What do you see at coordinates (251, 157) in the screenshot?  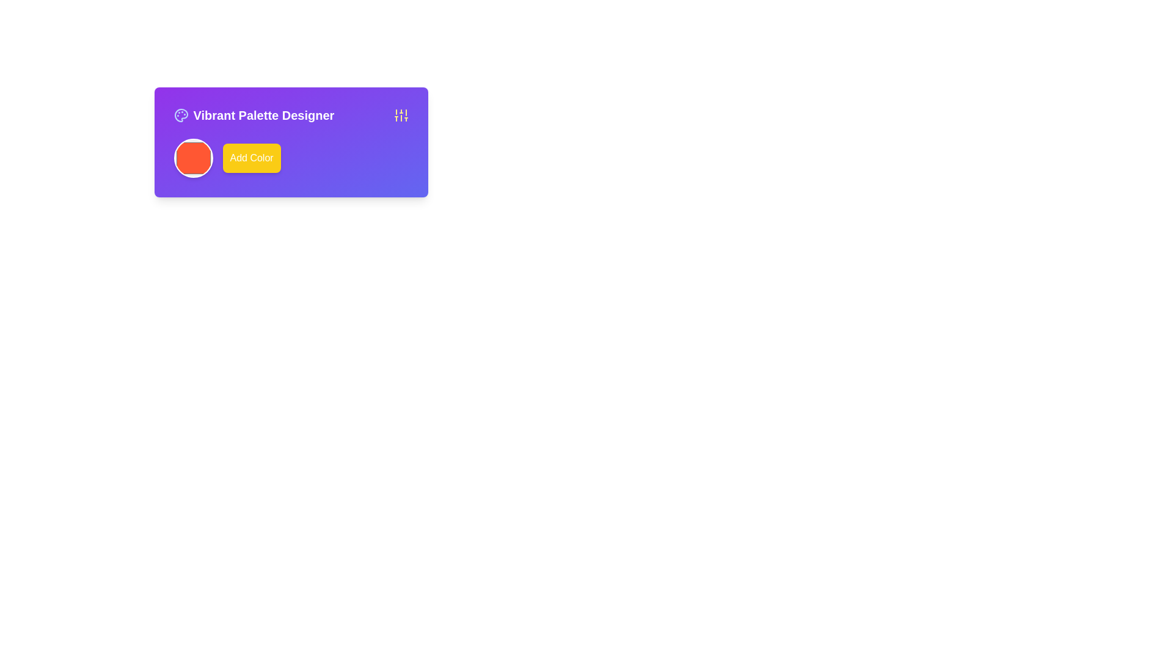 I see `the button for adding a new color to the palette in the 'Vibrant Palette Designer'` at bounding box center [251, 157].